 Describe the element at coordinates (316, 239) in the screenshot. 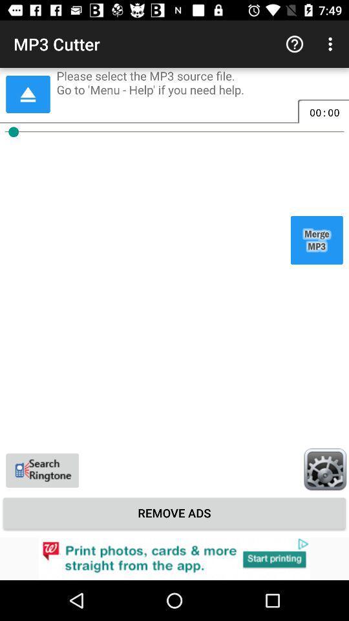

I see `merge mp3 files` at that location.